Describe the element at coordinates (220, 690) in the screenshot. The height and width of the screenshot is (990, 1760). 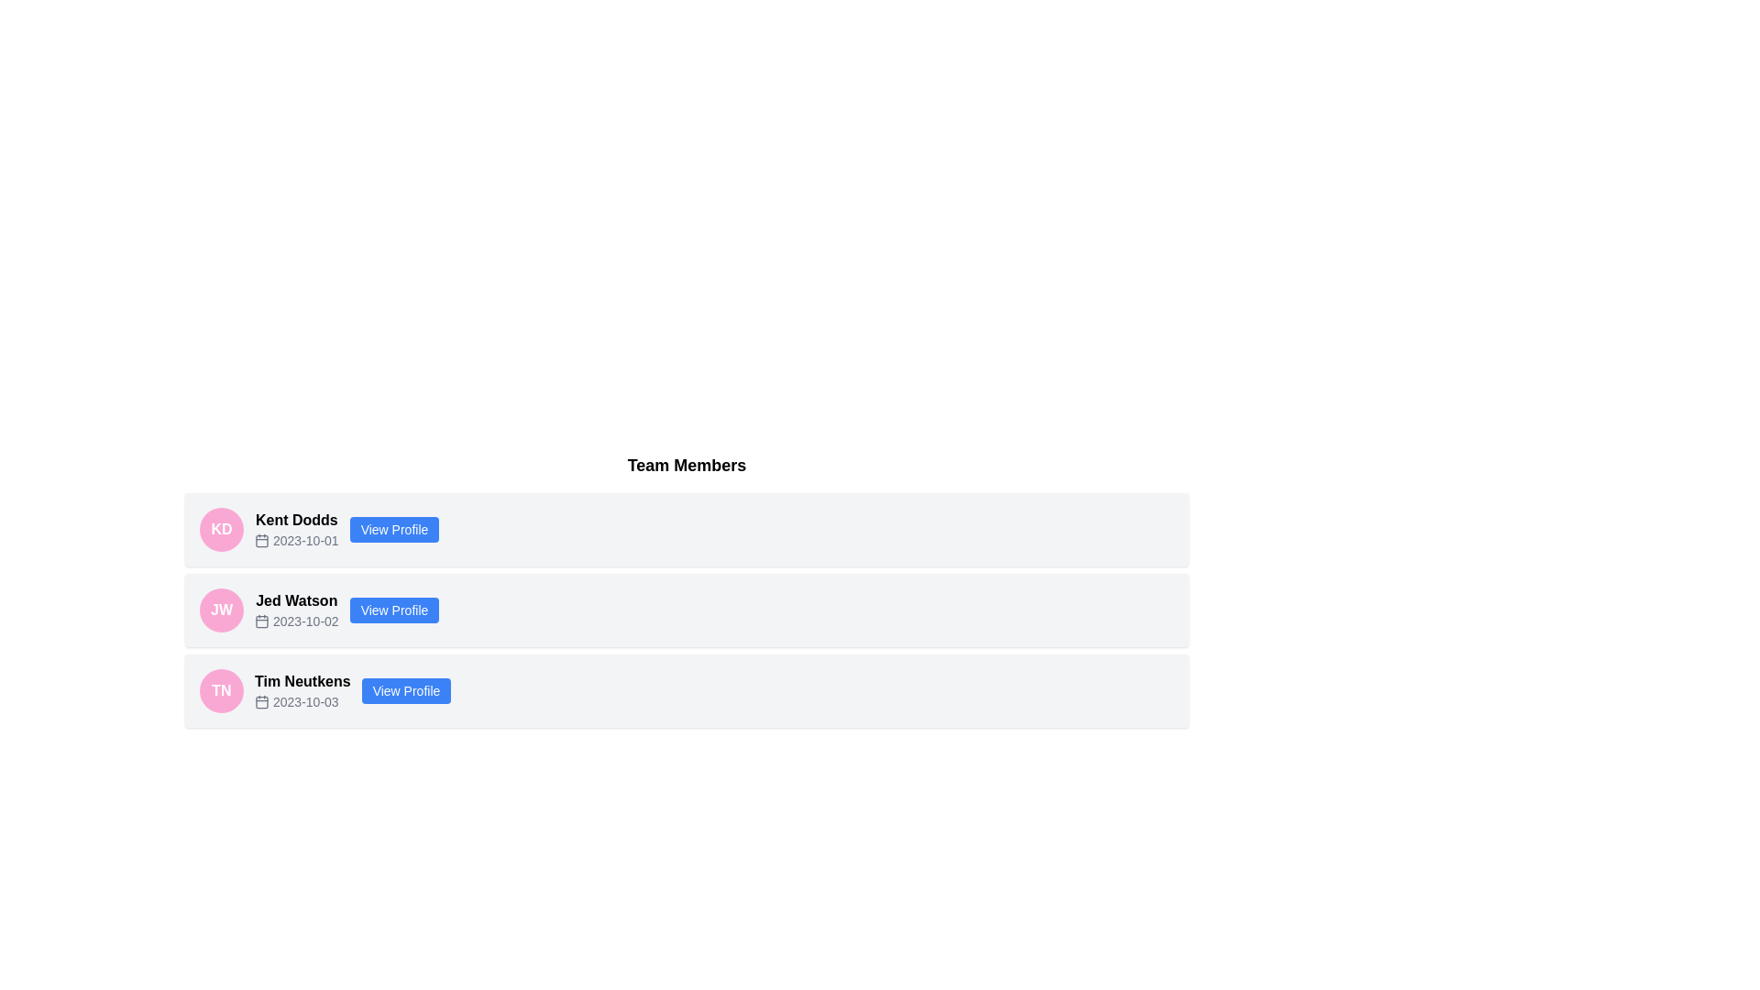
I see `the avatar representing the initials 'TN' for 'Tim Neutkens', located at the start of the row in the team members list` at that location.